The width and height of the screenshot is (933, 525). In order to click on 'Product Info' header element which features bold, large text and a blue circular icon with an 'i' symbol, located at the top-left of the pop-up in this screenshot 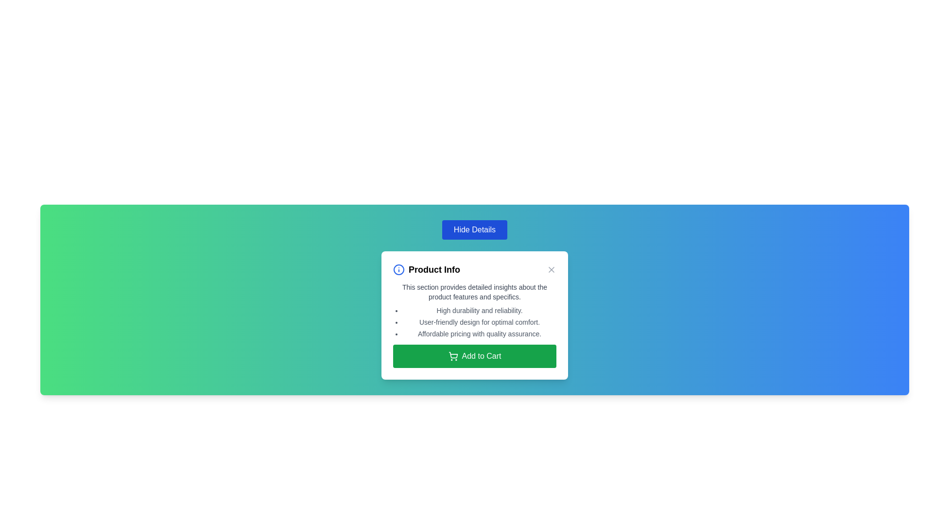, I will do `click(427, 270)`.